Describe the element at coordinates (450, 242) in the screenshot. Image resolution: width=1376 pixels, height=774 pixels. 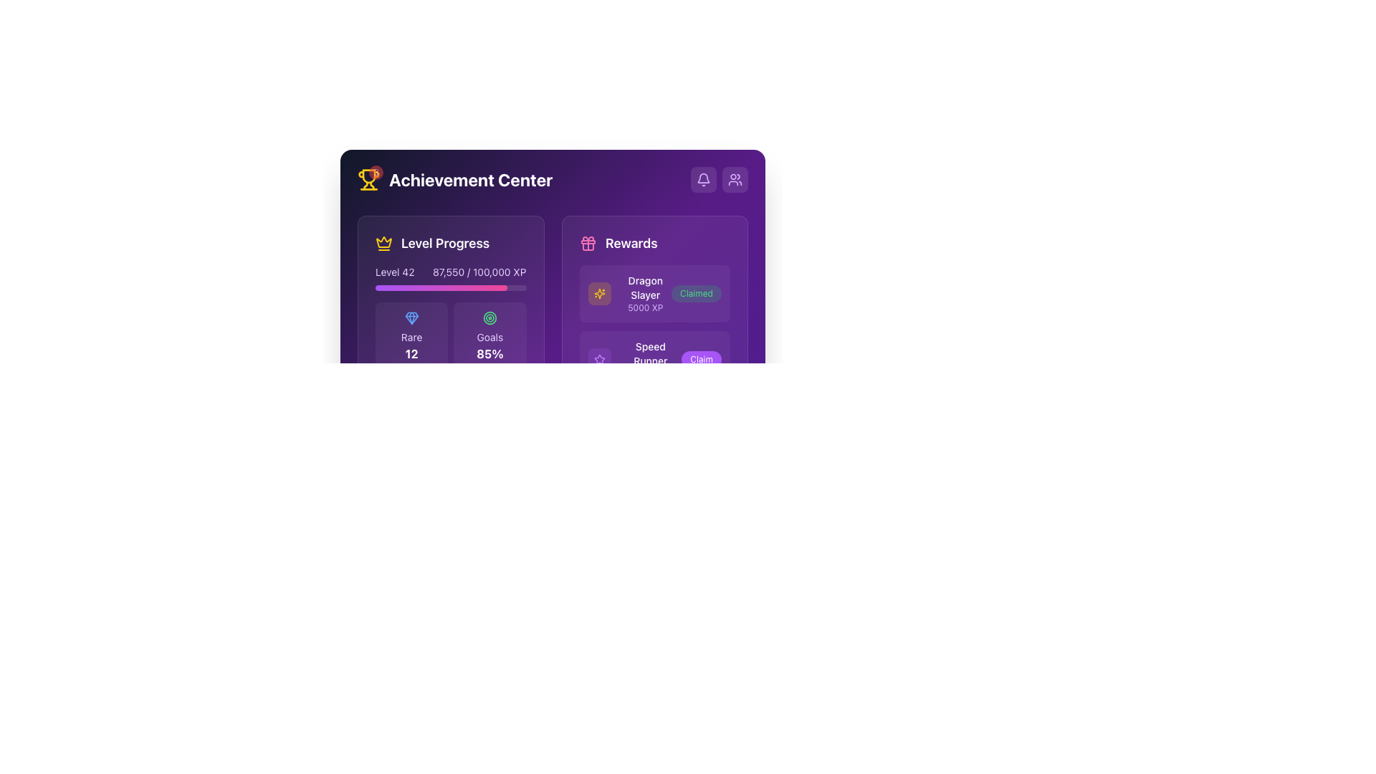
I see `the 'Level Progress' header section, which includes a yellow crown icon and bold white text, located at the top of the left panel` at that location.